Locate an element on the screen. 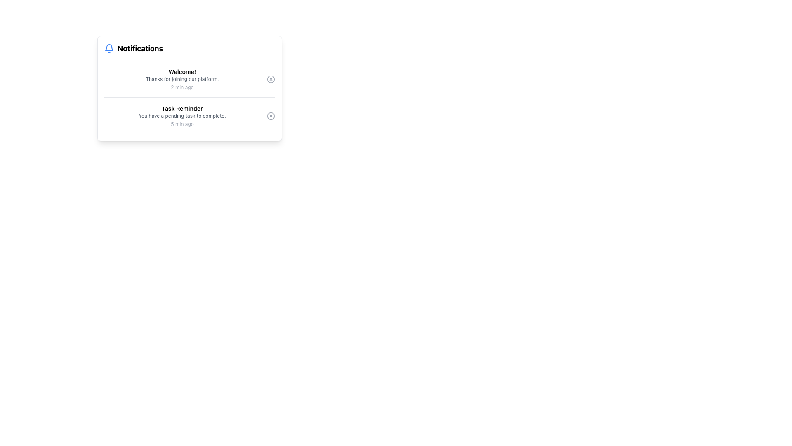 The height and width of the screenshot is (446, 792). the blue bell icon located to the left of the 'Notifications' text to view its styling is located at coordinates (108, 49).